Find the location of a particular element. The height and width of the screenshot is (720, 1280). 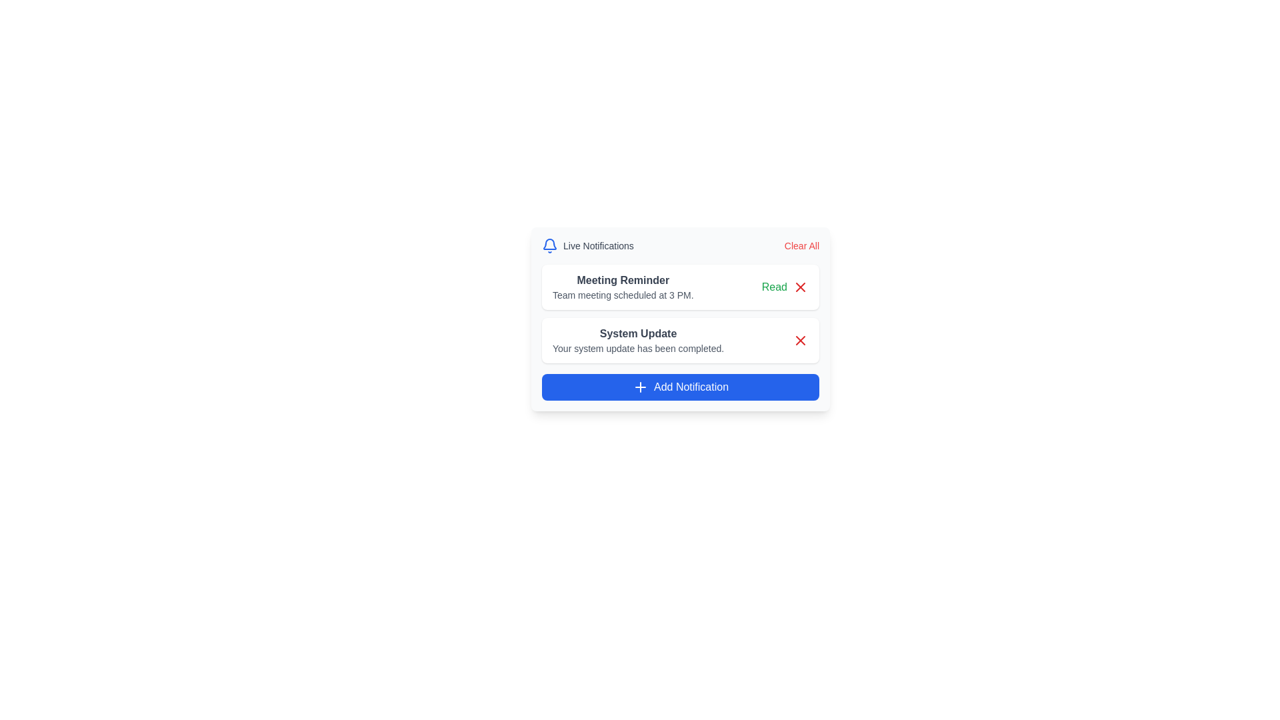

the static text element displaying 'Your system update has been completed.' which is positioned below the 'System Update' heading in the notification card is located at coordinates (637, 348).